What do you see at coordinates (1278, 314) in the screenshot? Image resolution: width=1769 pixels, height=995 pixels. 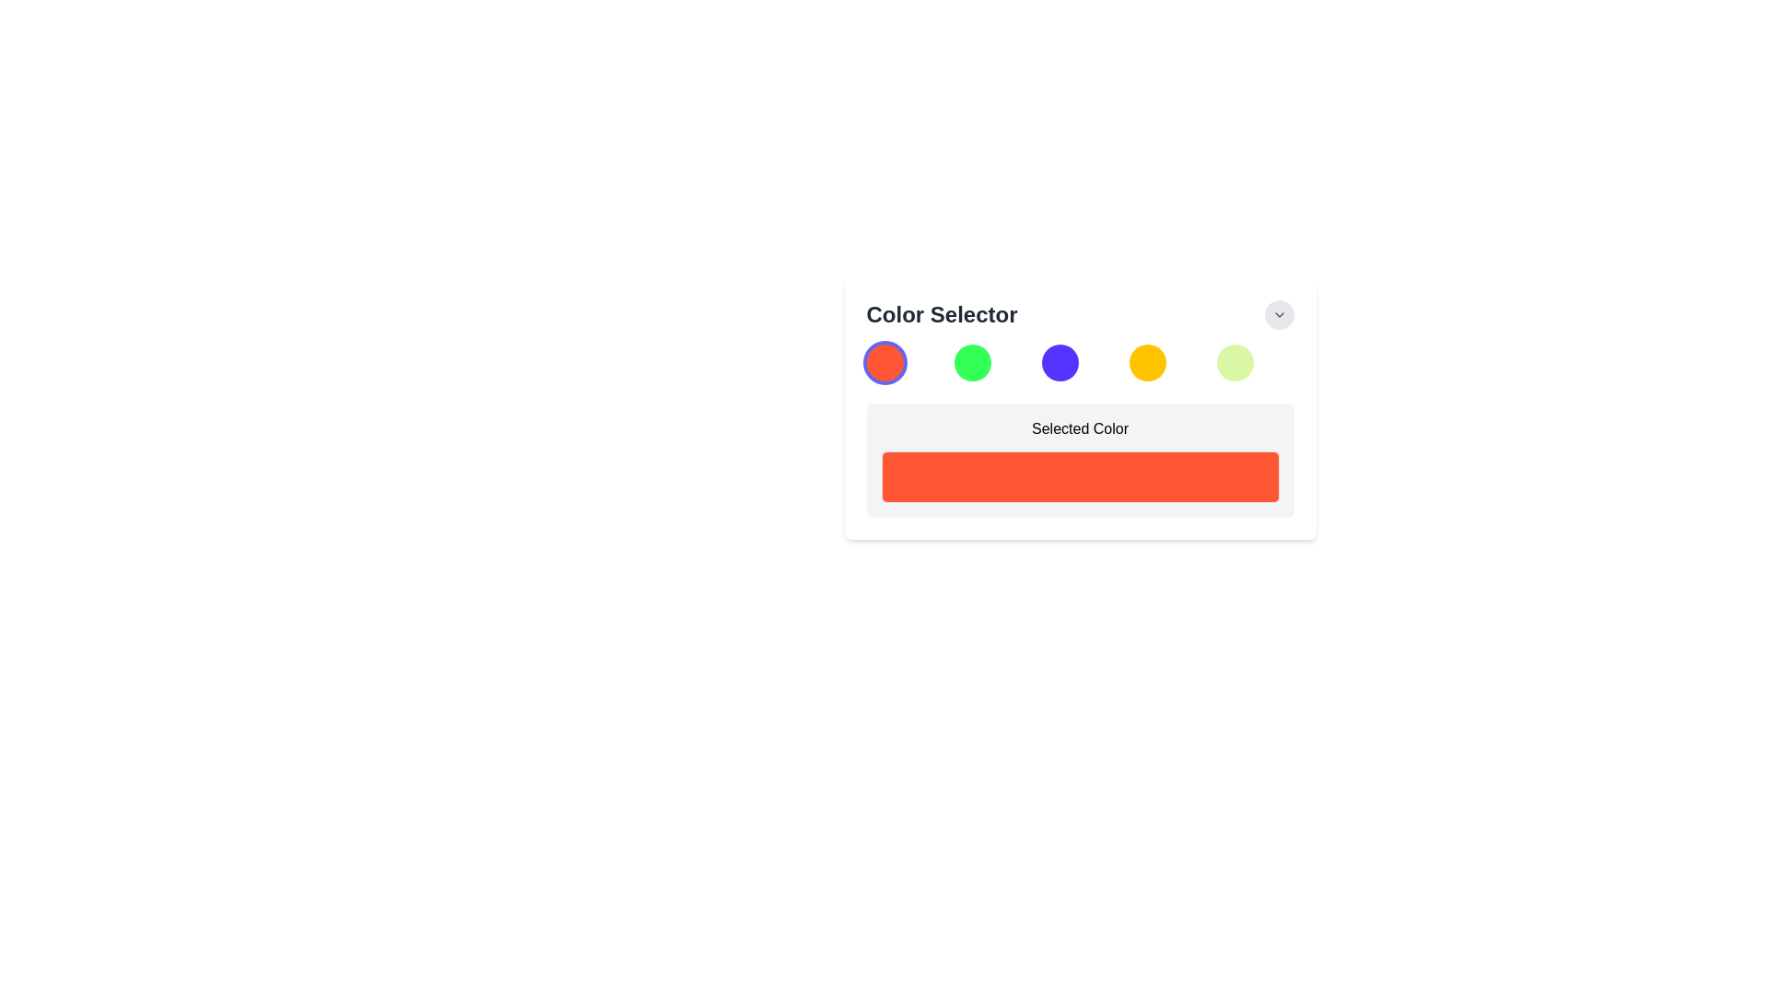 I see `the dropdown toggle button located at the top-right corner of the 'Color Selector' section` at bounding box center [1278, 314].